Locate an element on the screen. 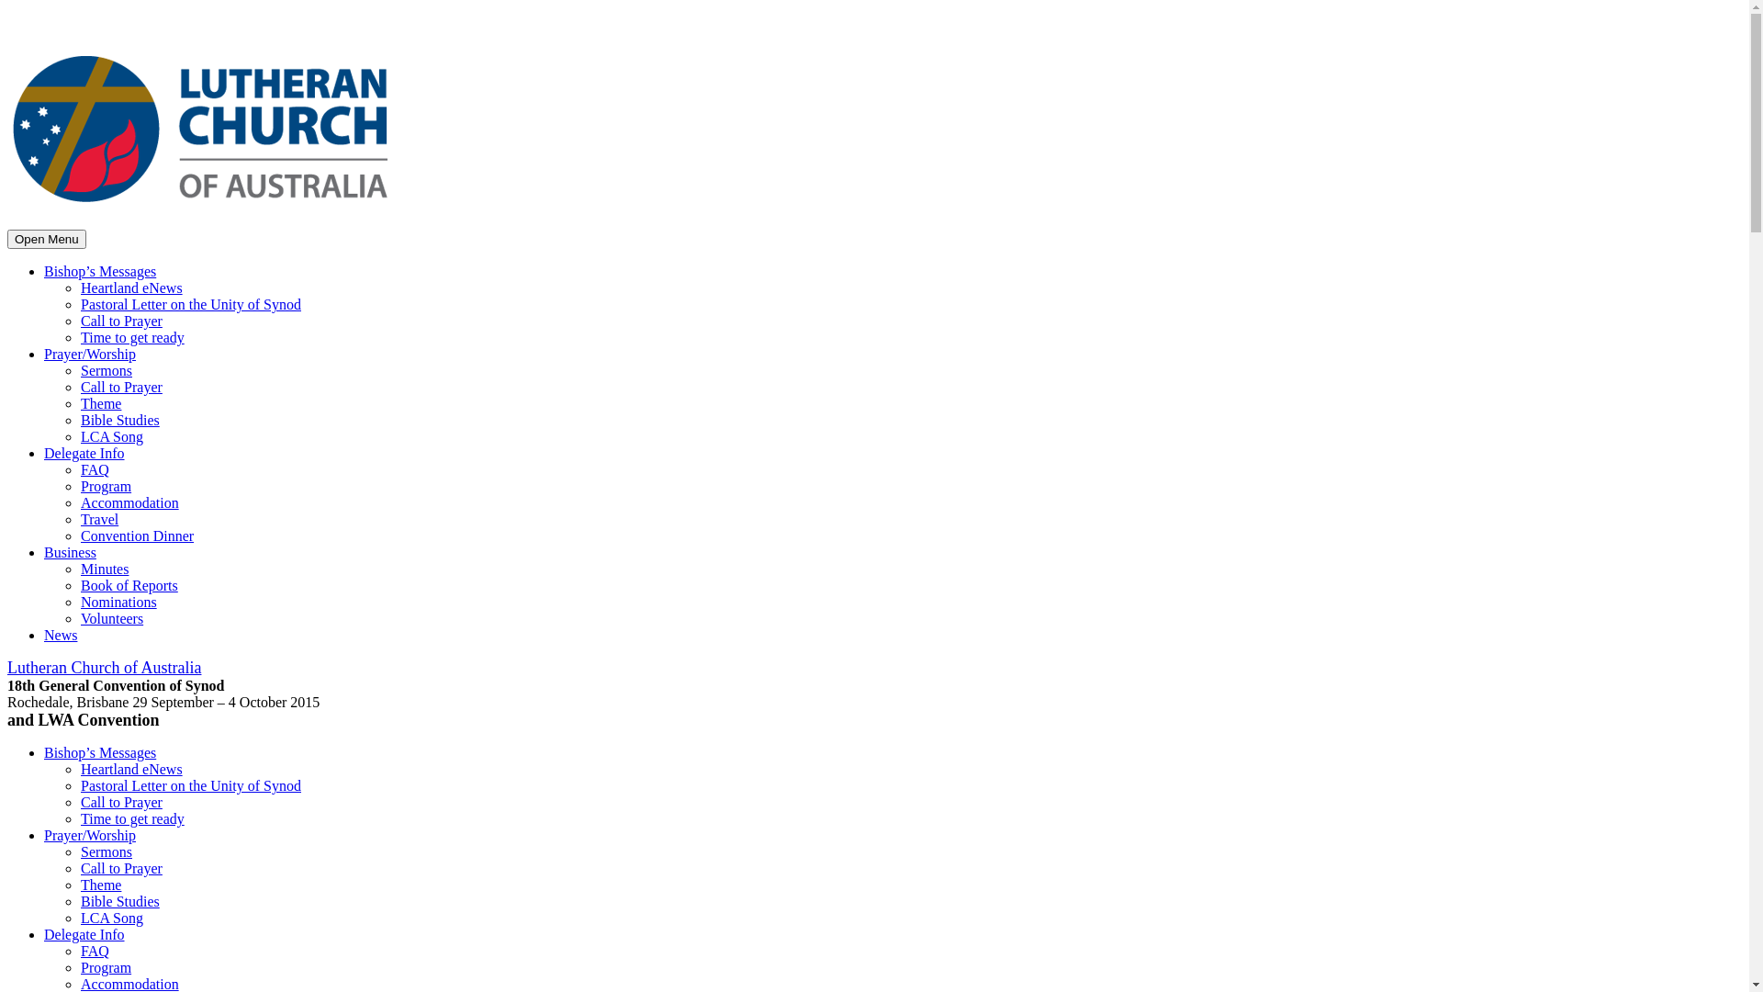  'Minutes' is located at coordinates (104, 568).